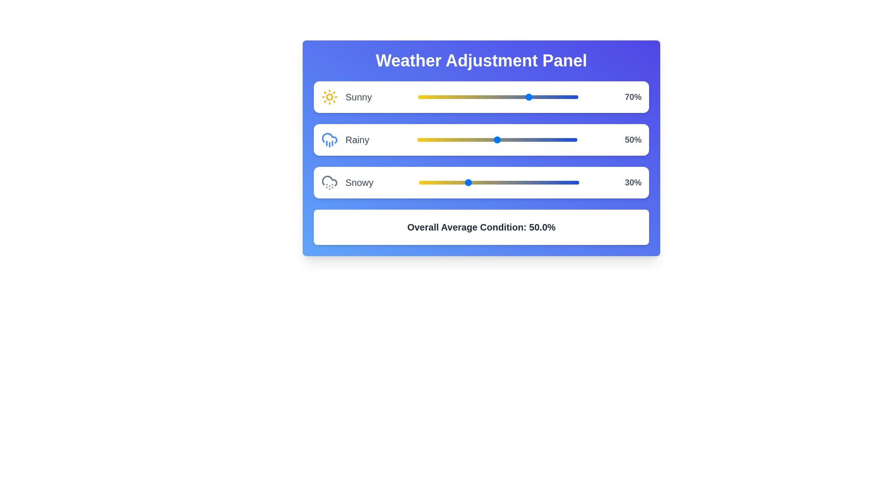  I want to click on the snowy condition percentage, so click(507, 183).